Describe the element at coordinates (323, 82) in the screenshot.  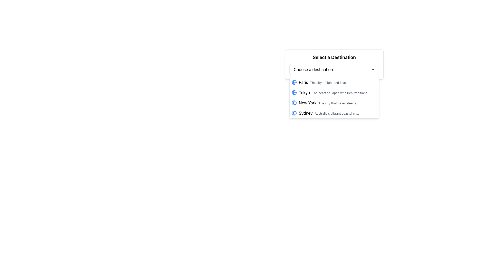
I see `the text label reading 'The city of light and love.' next to the bolded label 'Paris' in the dropdown menu titled 'Select a Destination.'` at that location.